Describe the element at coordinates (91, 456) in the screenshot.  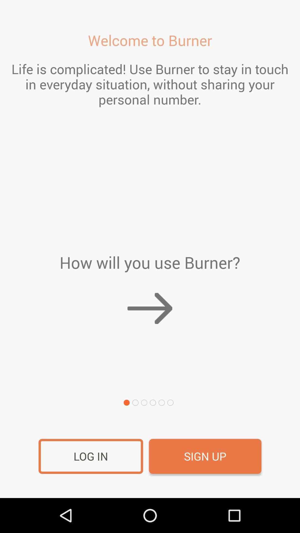
I see `the log in item` at that location.